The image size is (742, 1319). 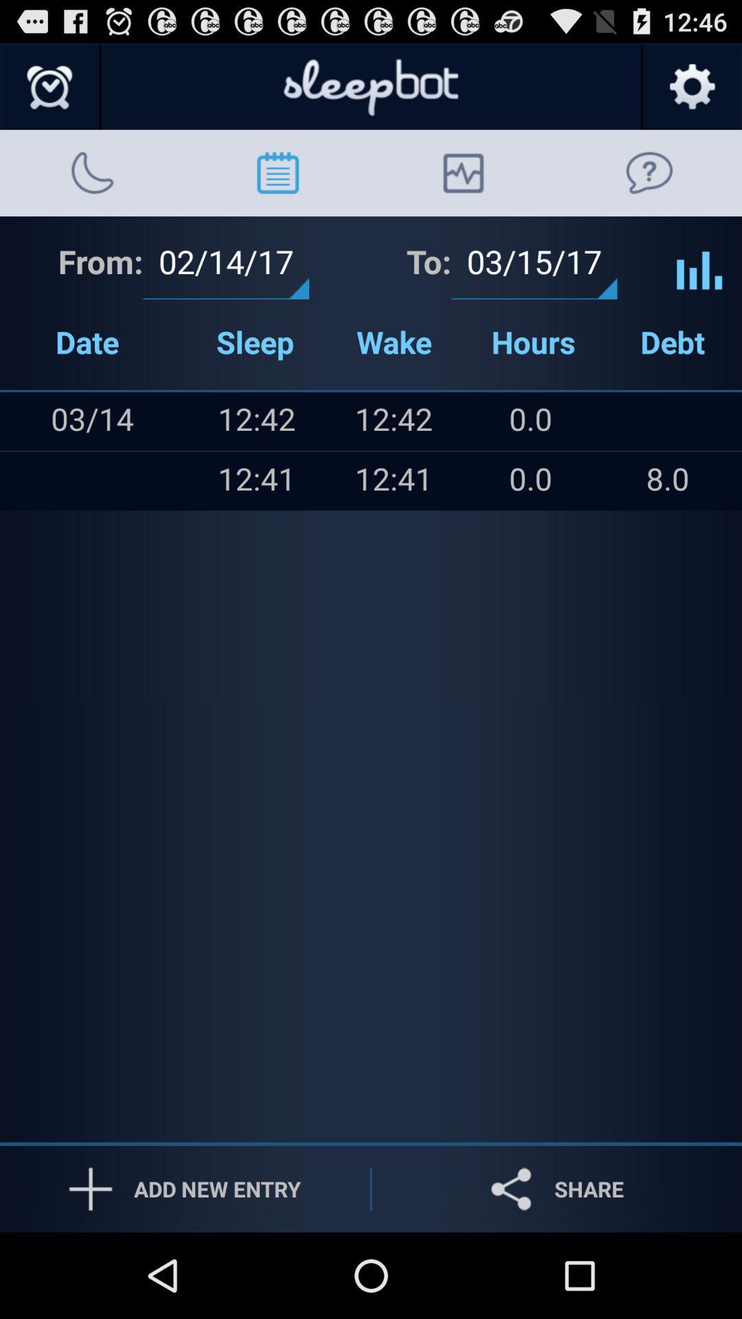 I want to click on the time icon, so click(x=49, y=93).